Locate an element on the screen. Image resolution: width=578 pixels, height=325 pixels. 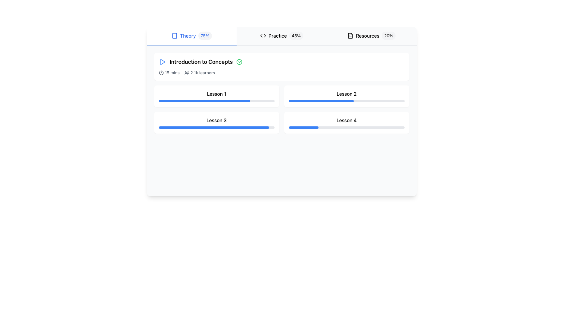
the text label displaying 'Theory', which is located near the top center of the interface, part of a navigation structure, positioned between an SVG icon and a percentage badge ('75%') is located at coordinates (188, 36).